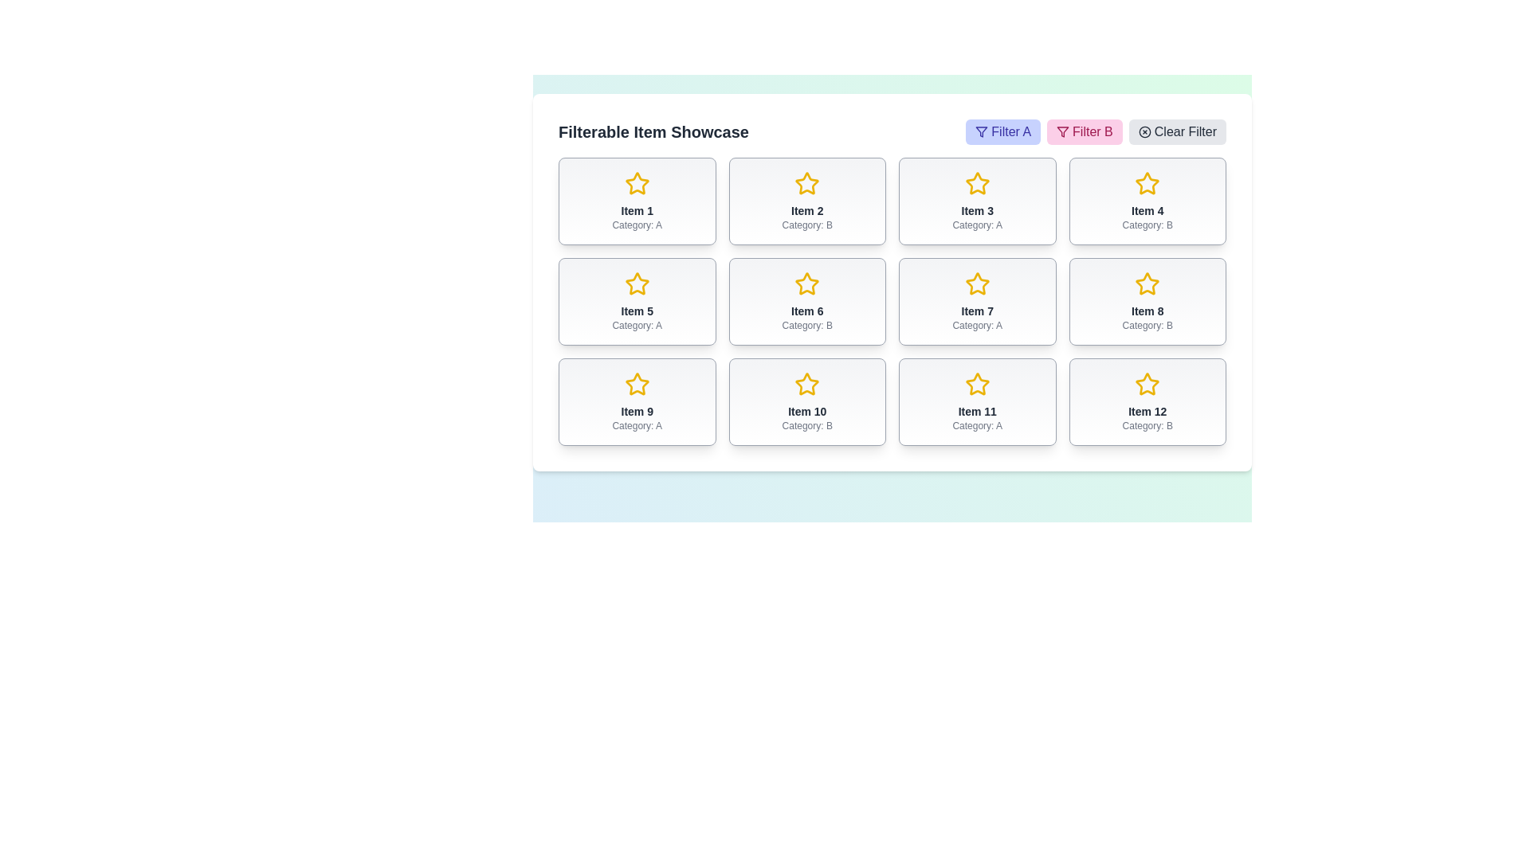  Describe the element at coordinates (976, 225) in the screenshot. I see `the label indicating category (A) positioned below the title 'Item 3' in the bordered card at the top-right of the second row in the grid layout` at that location.